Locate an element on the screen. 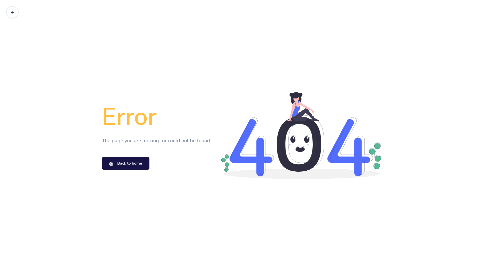  'Back to home' is located at coordinates (101, 163).